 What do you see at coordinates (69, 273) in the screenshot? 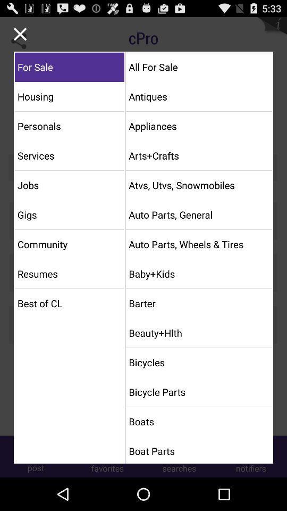
I see `the app above best of cl` at bounding box center [69, 273].